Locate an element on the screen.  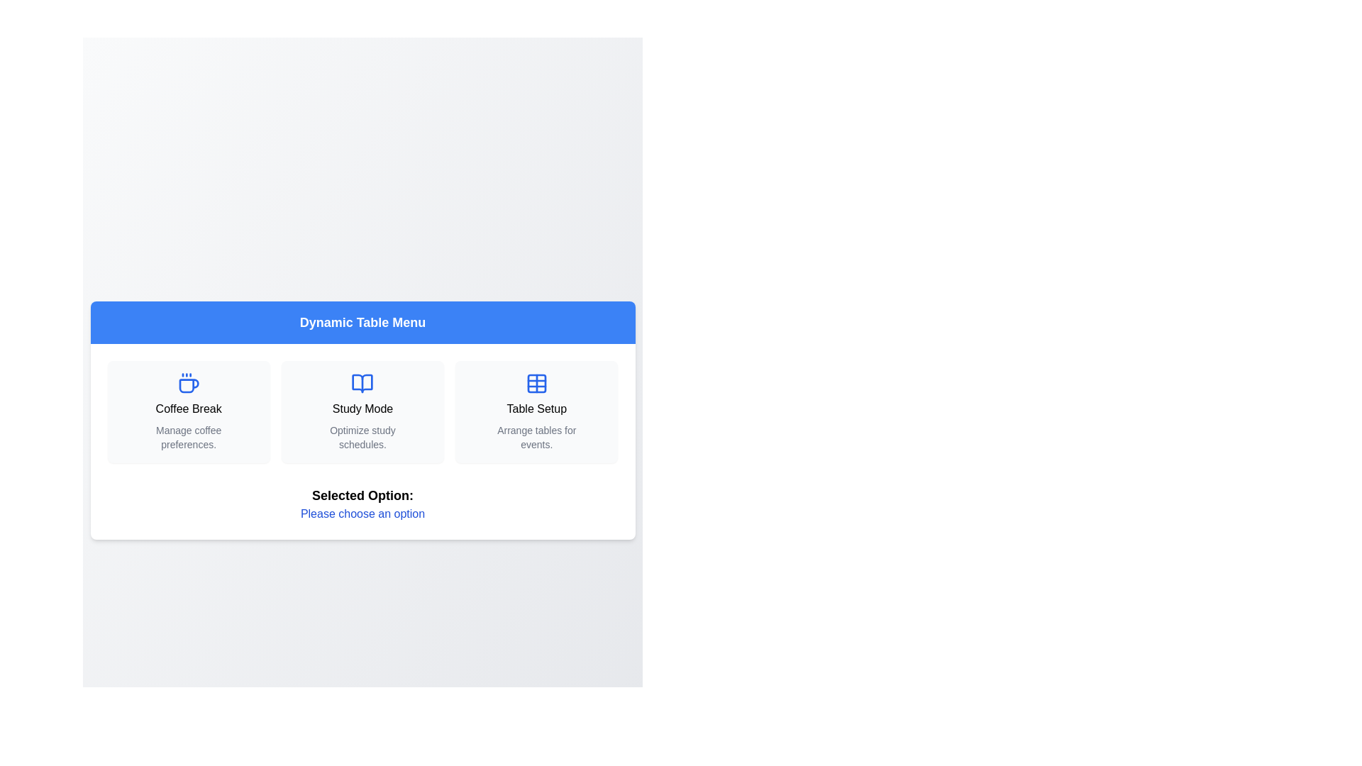
the menu option Study Mode from the Dynamic Table Menu is located at coordinates (362, 412).